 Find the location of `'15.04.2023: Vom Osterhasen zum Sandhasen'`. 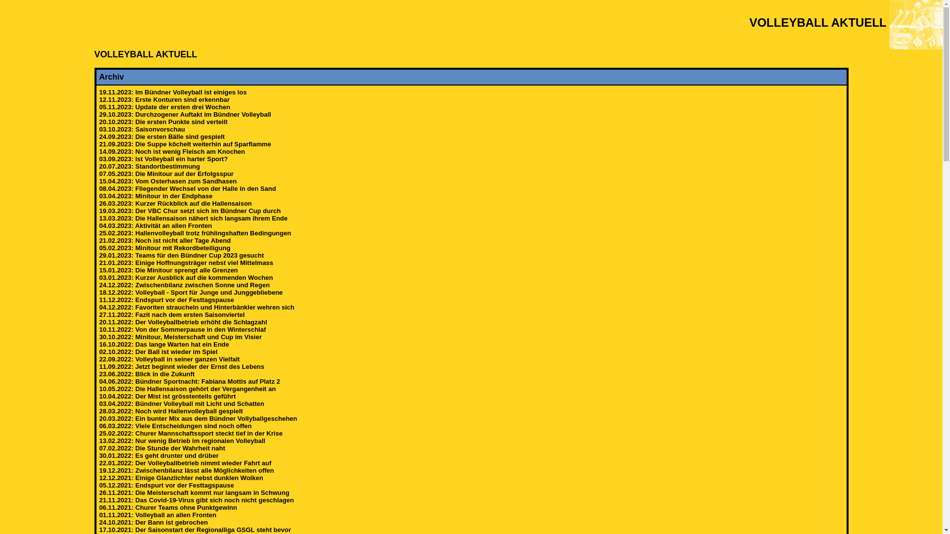

'15.04.2023: Vom Osterhasen zum Sandhasen' is located at coordinates (168, 181).